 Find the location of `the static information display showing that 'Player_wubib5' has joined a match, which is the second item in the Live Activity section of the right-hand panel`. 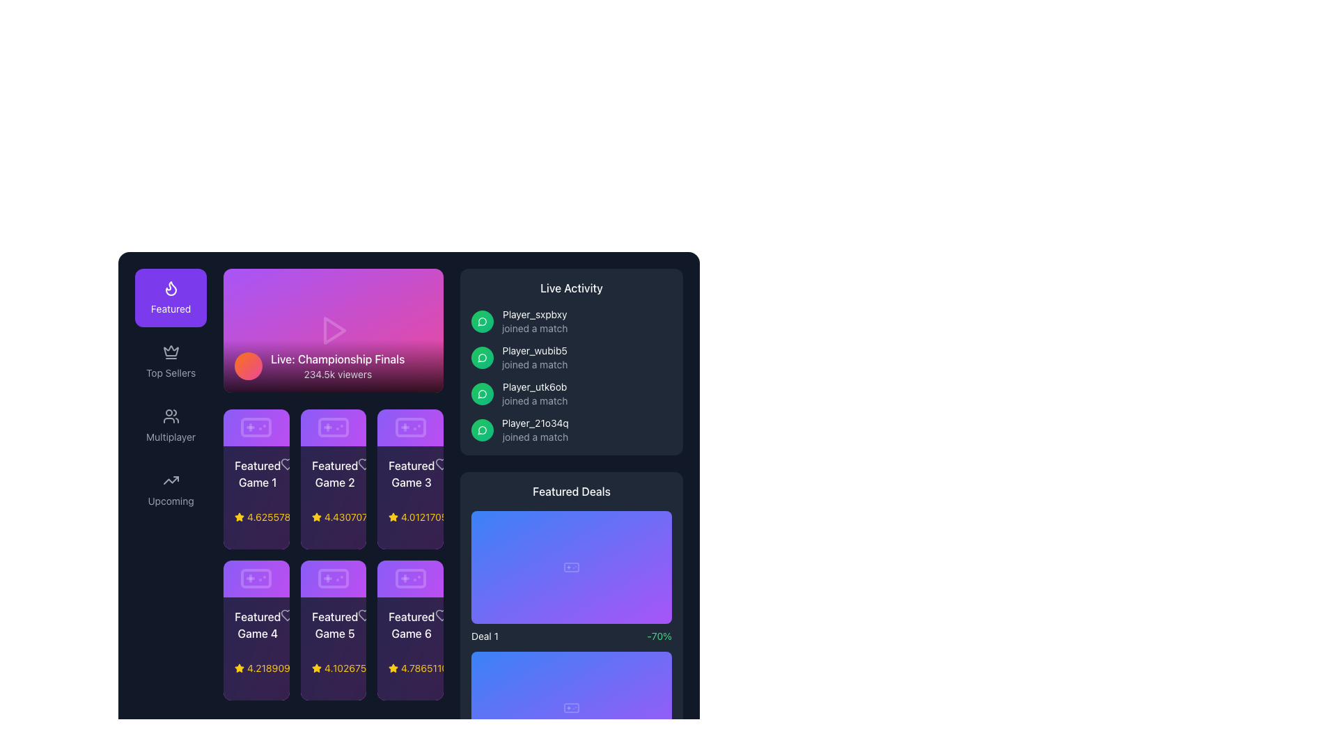

the static information display showing that 'Player_wubib5' has joined a match, which is the second item in the Live Activity section of the right-hand panel is located at coordinates (571, 357).